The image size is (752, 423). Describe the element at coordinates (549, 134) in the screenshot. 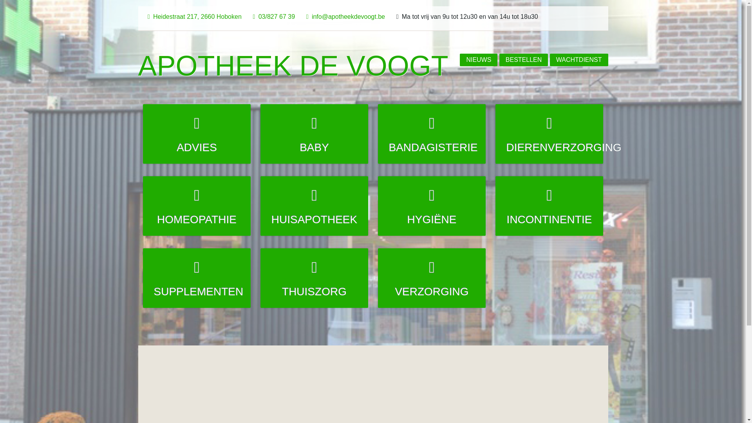

I see `'DIERENVERZORGING'` at that location.